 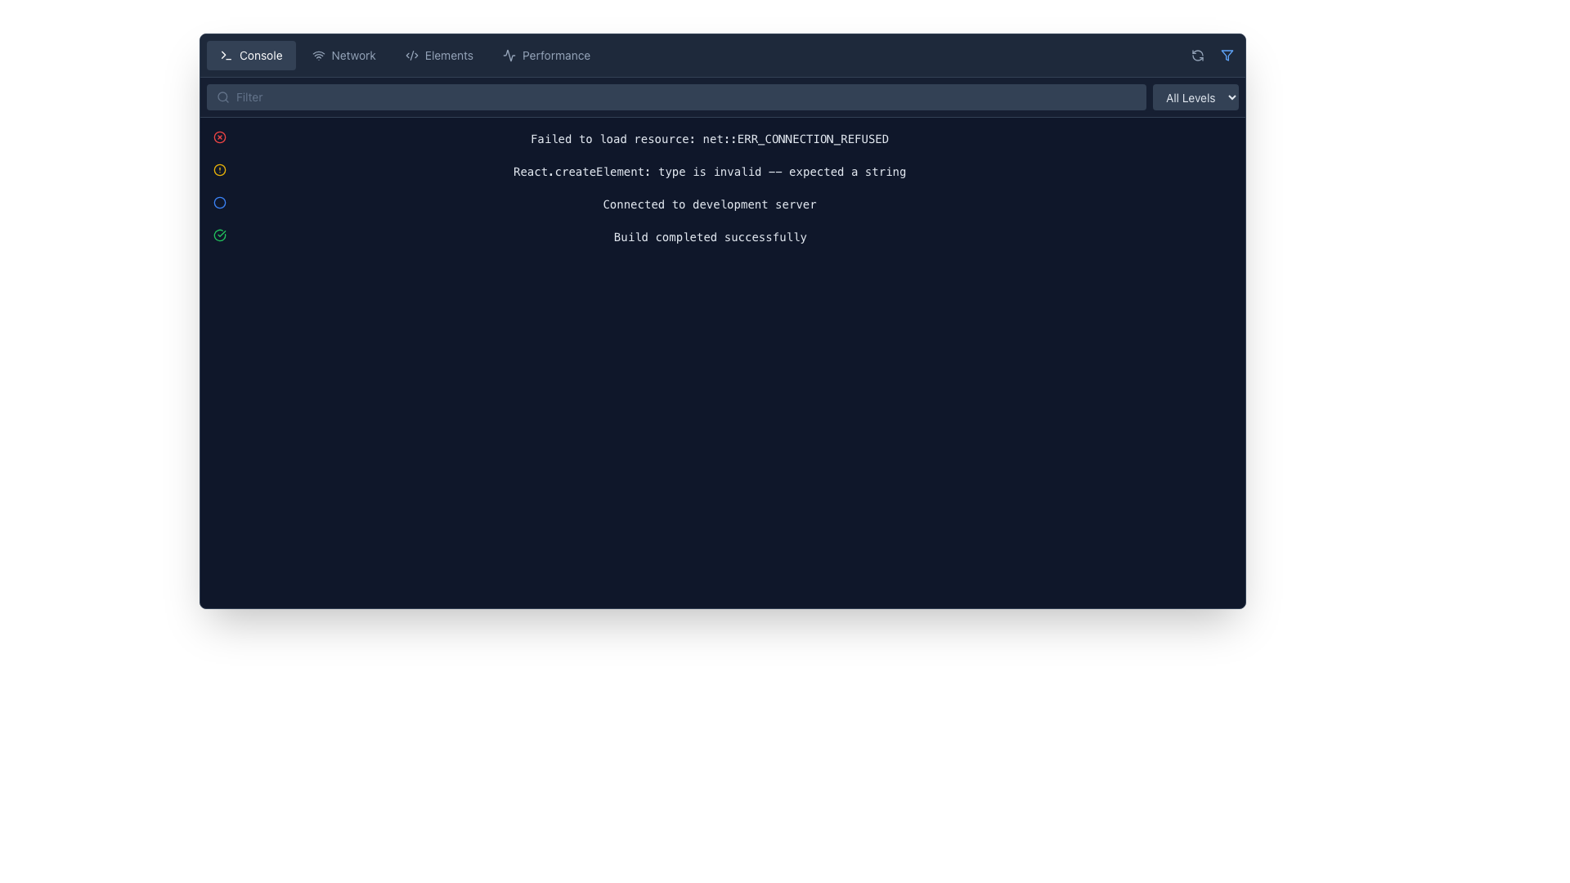 I want to click on the 'Console' tab in the navigation bar at the top of the interface, so click(x=721, y=55).